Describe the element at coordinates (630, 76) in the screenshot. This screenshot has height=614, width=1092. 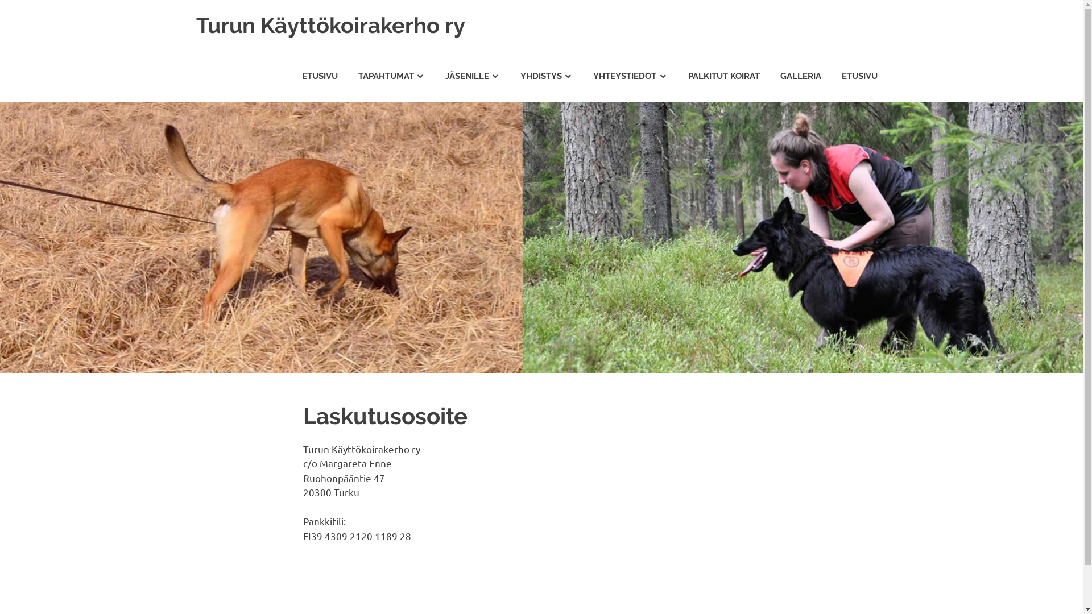
I see `'YHTEYSTIEDOT'` at that location.